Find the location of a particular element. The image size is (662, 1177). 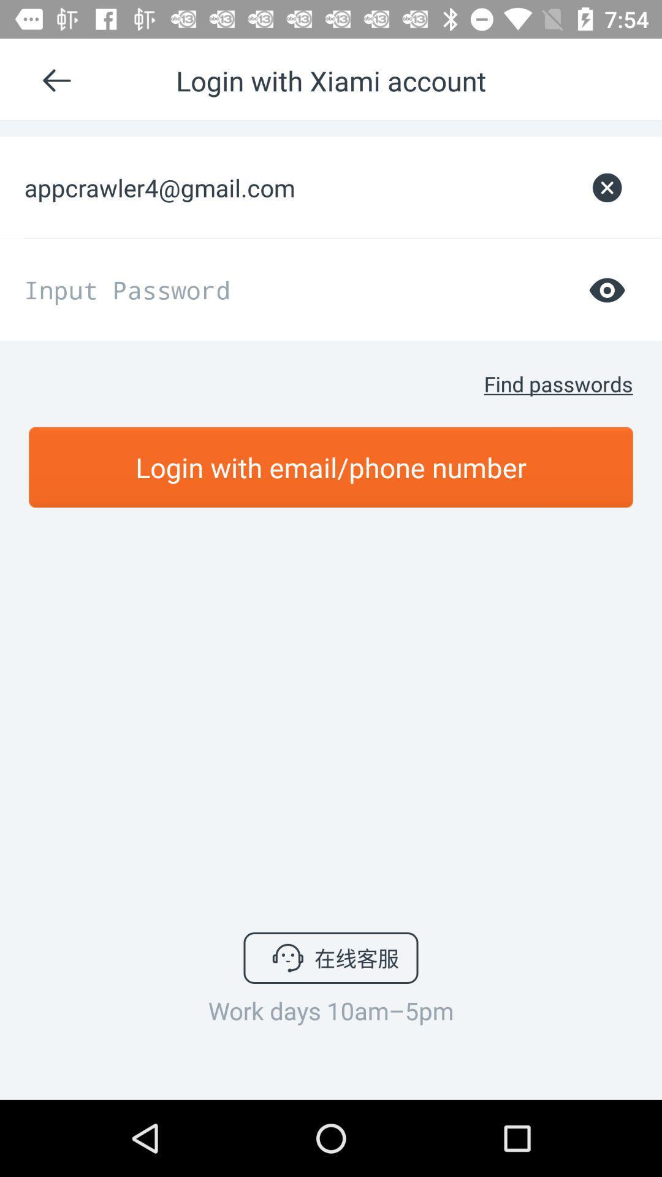

app above find passwords item is located at coordinates (607, 289).